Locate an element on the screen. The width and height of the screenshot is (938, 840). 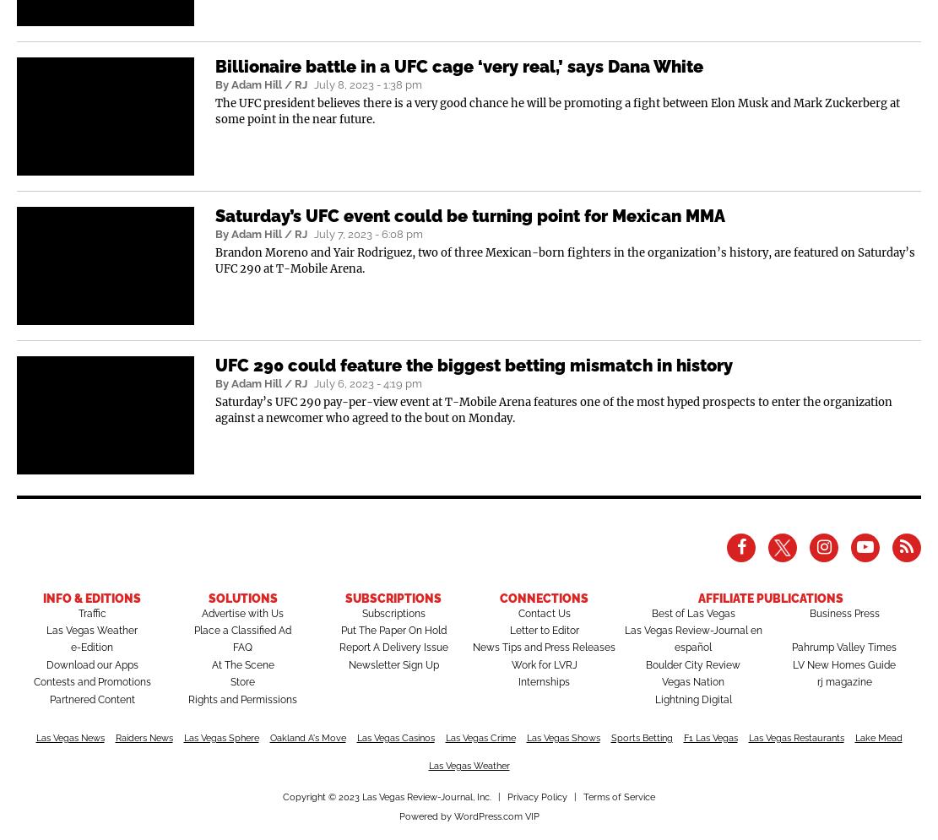
'LV New Homes Guide' is located at coordinates (844, 664).